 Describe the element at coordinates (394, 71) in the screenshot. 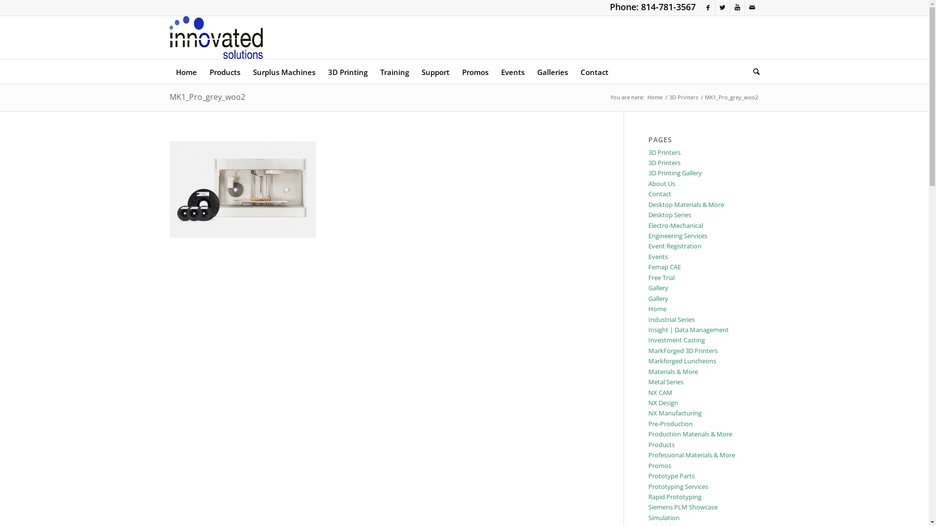

I see `'Training'` at that location.